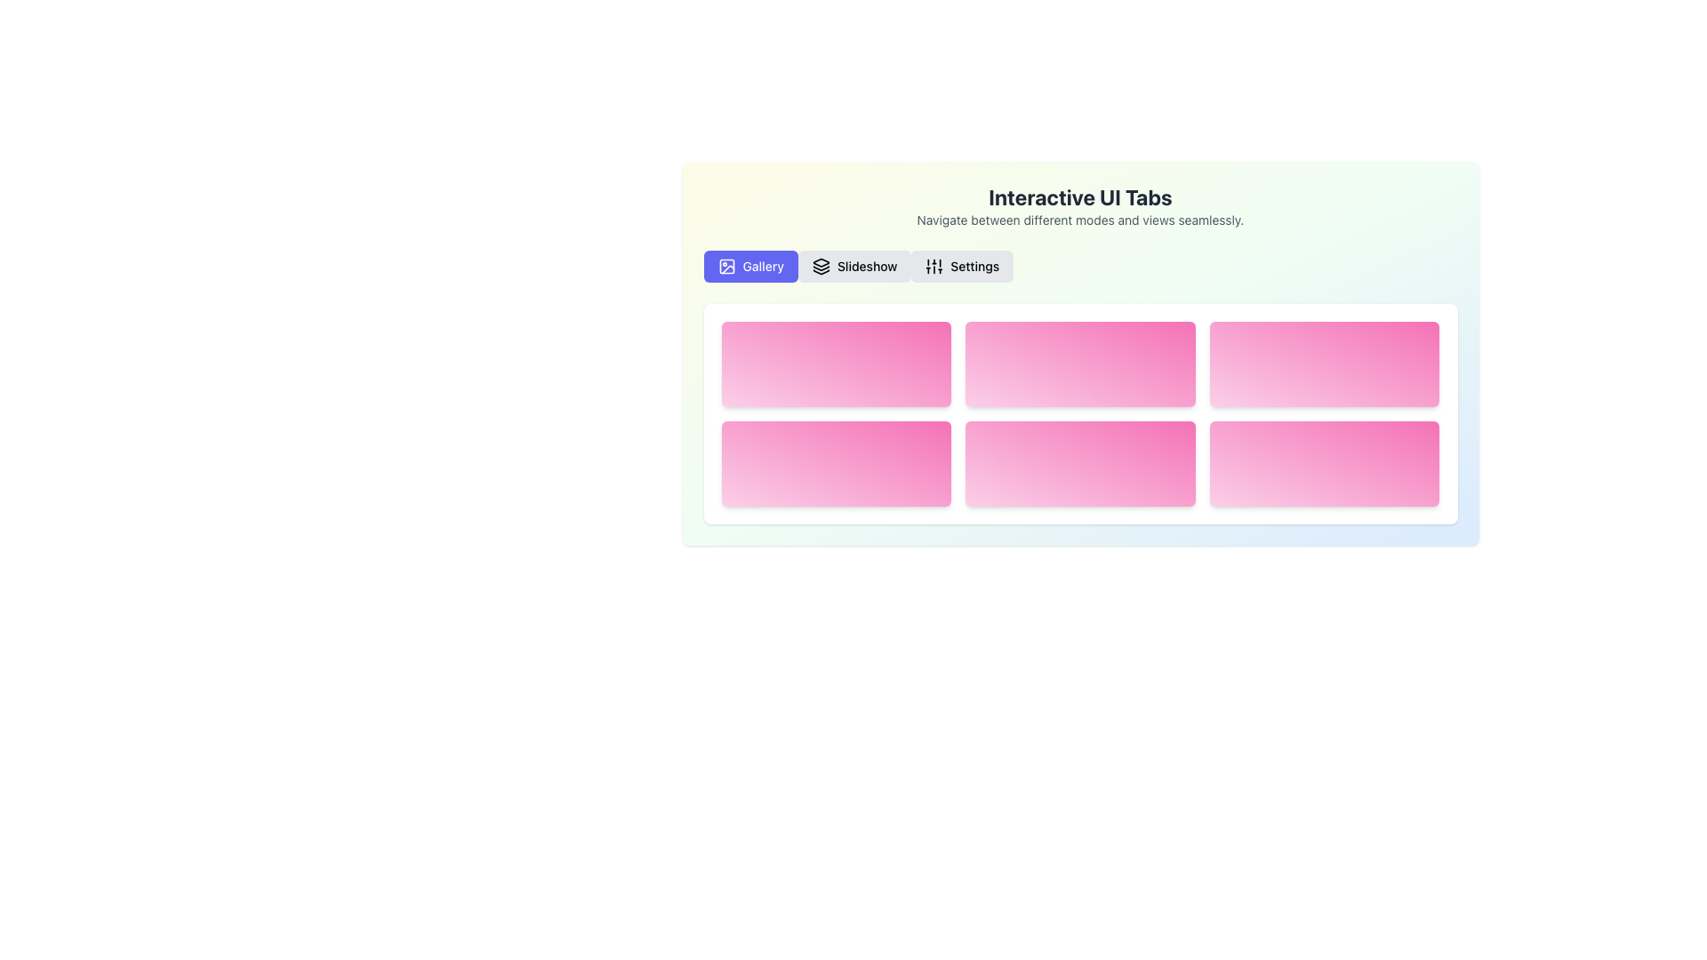  I want to click on the graphical icon that resembles a minimalistic image representation located to the left of the 'Gallery' button, so click(726, 267).